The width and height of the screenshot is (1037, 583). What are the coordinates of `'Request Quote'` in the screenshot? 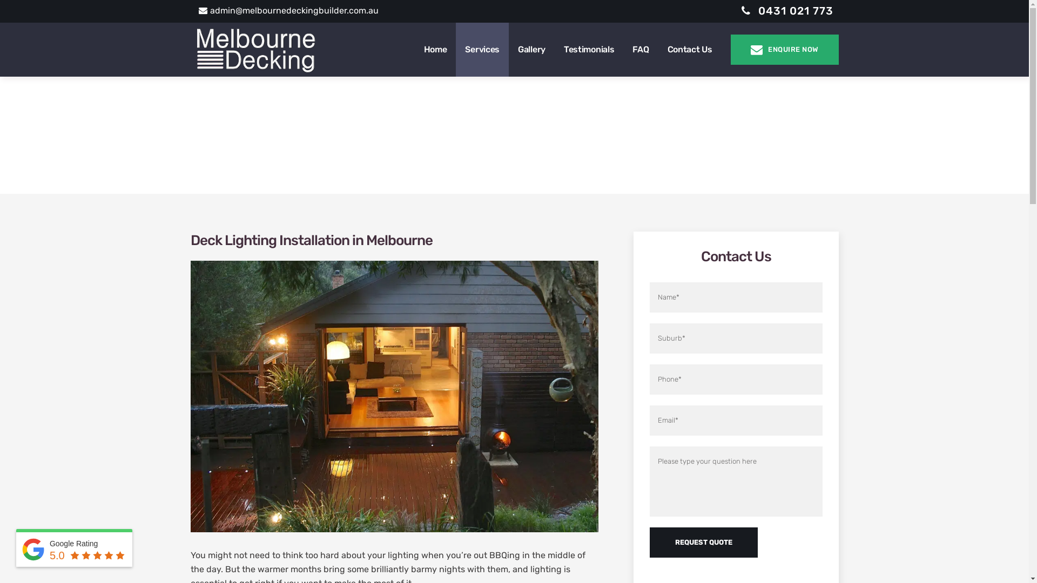 It's located at (648, 543).